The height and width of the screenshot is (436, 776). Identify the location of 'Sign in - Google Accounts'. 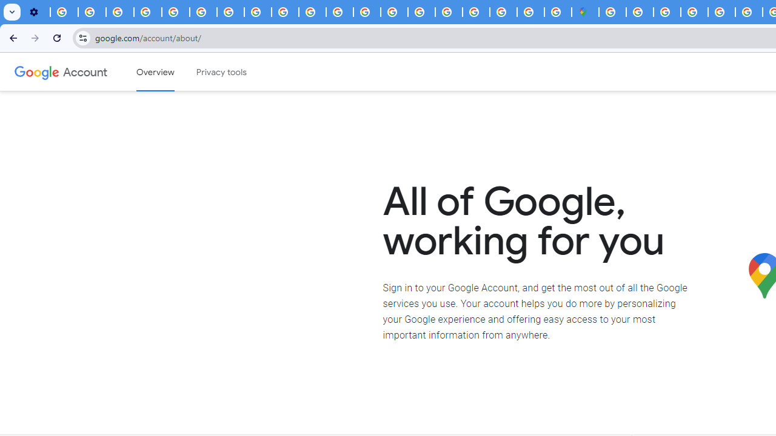
(639, 12).